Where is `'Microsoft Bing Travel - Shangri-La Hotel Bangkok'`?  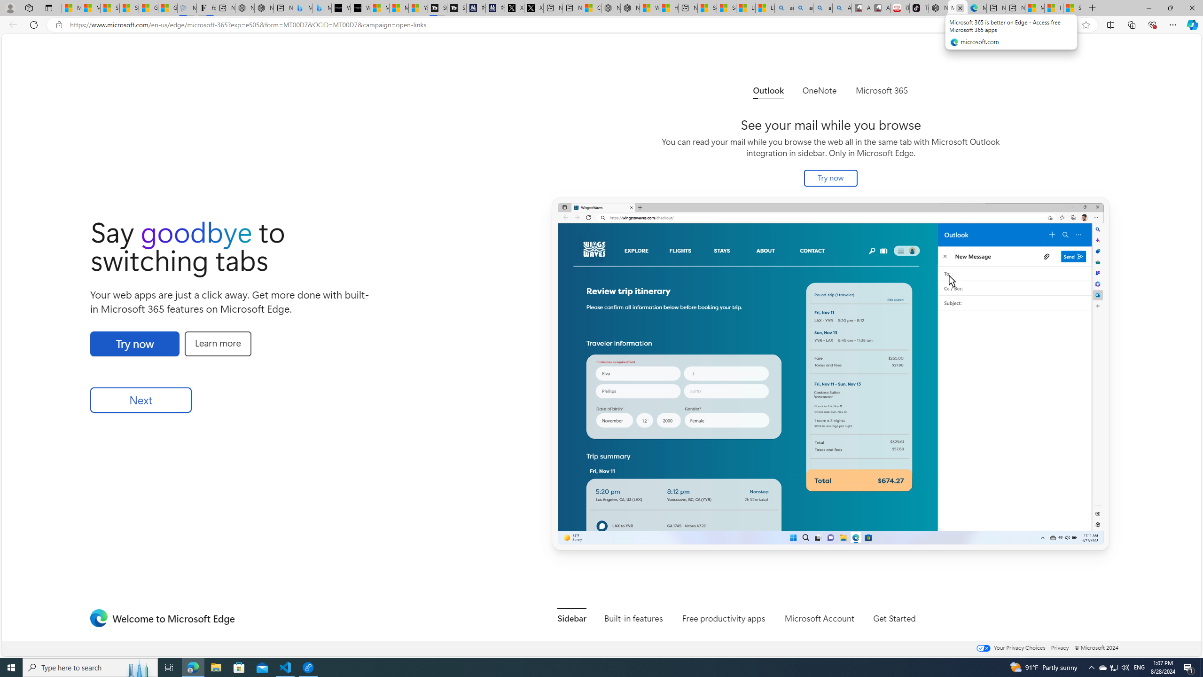
'Microsoft Bing Travel - Shangri-La Hotel Bangkok' is located at coordinates (321, 8).